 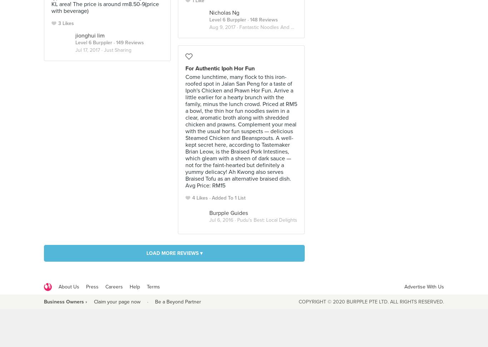 I want to click on '· 149 Reviews', so click(x=128, y=42).